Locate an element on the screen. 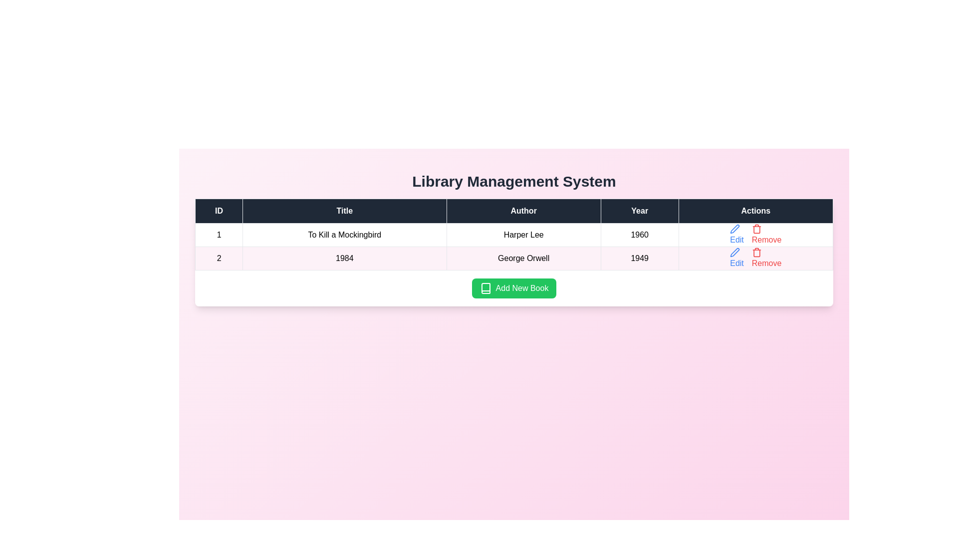  the green 'Add New Book' button with rounded corners and a book icon to initiate the 'Add New Book' function is located at coordinates (514, 288).